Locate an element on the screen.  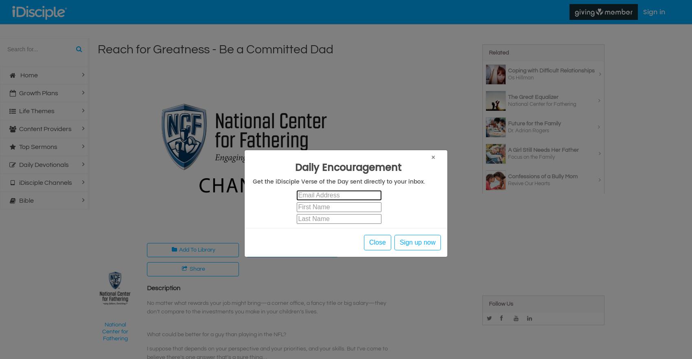
'Bible' is located at coordinates (26, 200).